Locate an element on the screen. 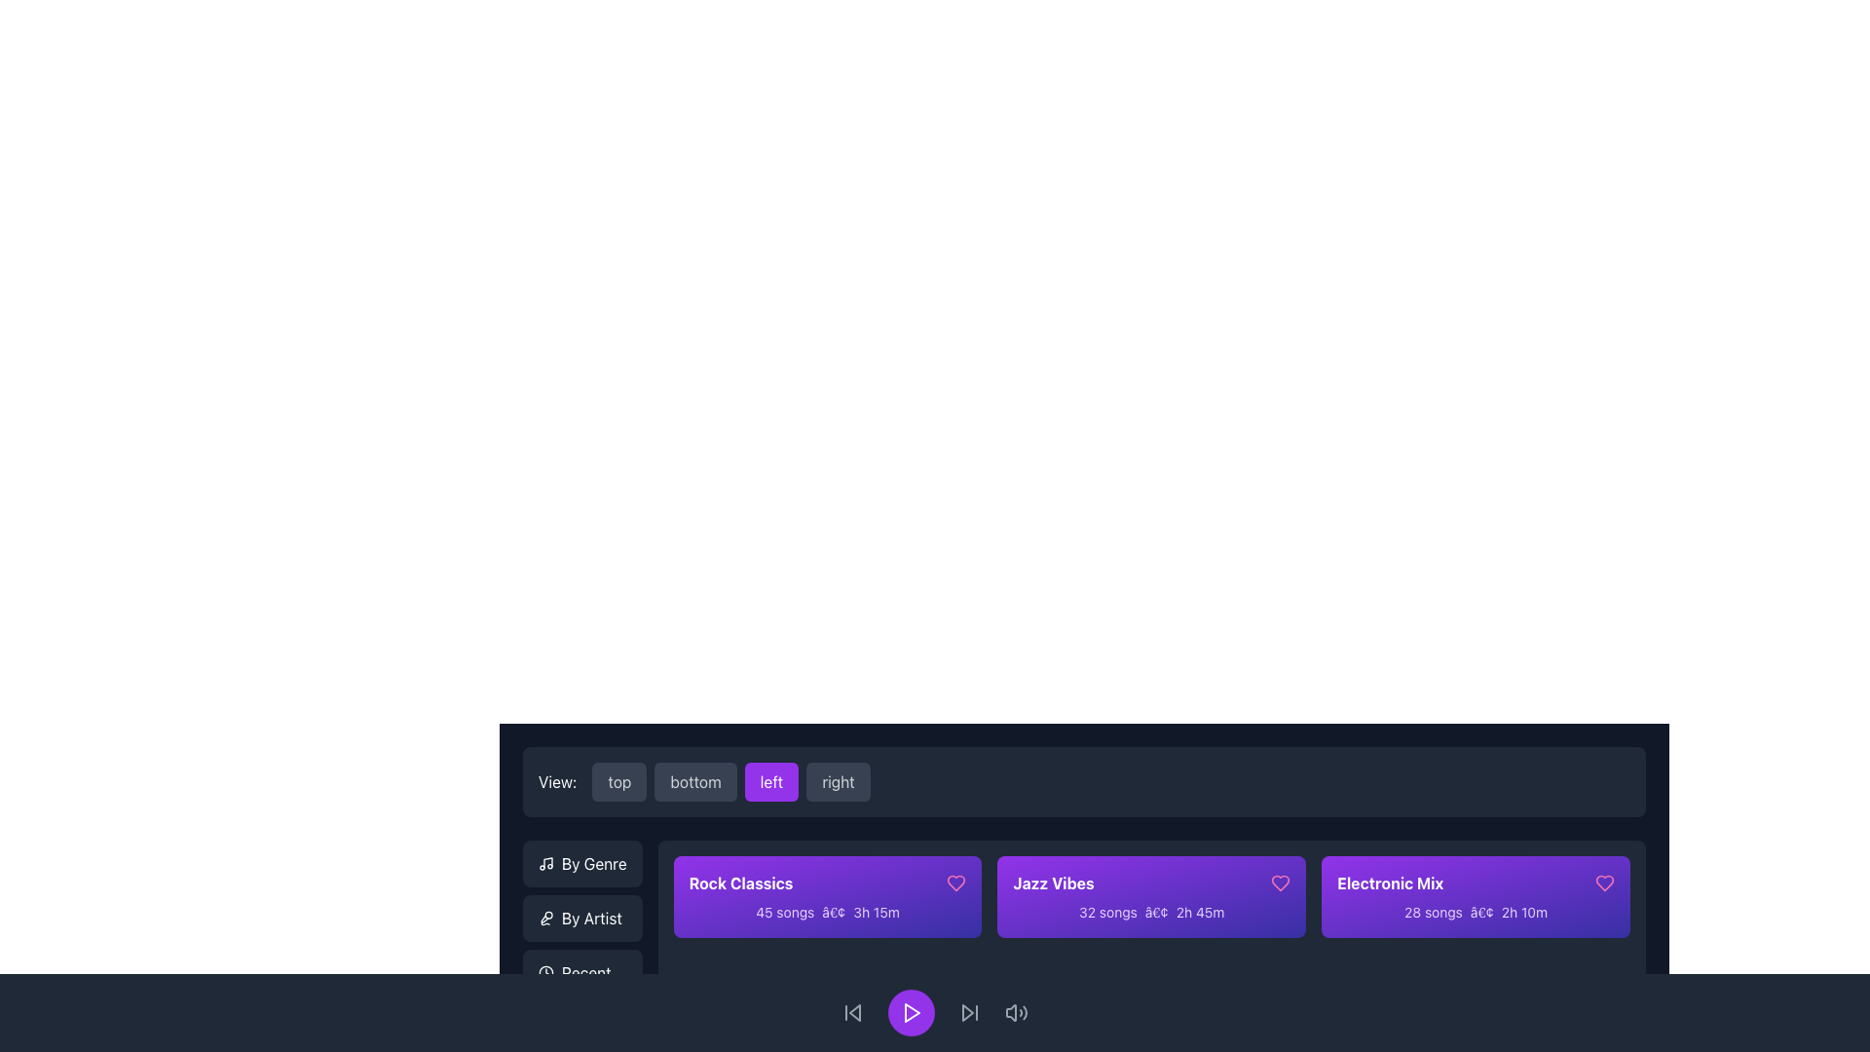 This screenshot has width=1870, height=1052. the 'Recent' button, which is a rectangular button with a dark gray background and white text, located at the bottom-left side of the interface in the button group is located at coordinates (581, 973).